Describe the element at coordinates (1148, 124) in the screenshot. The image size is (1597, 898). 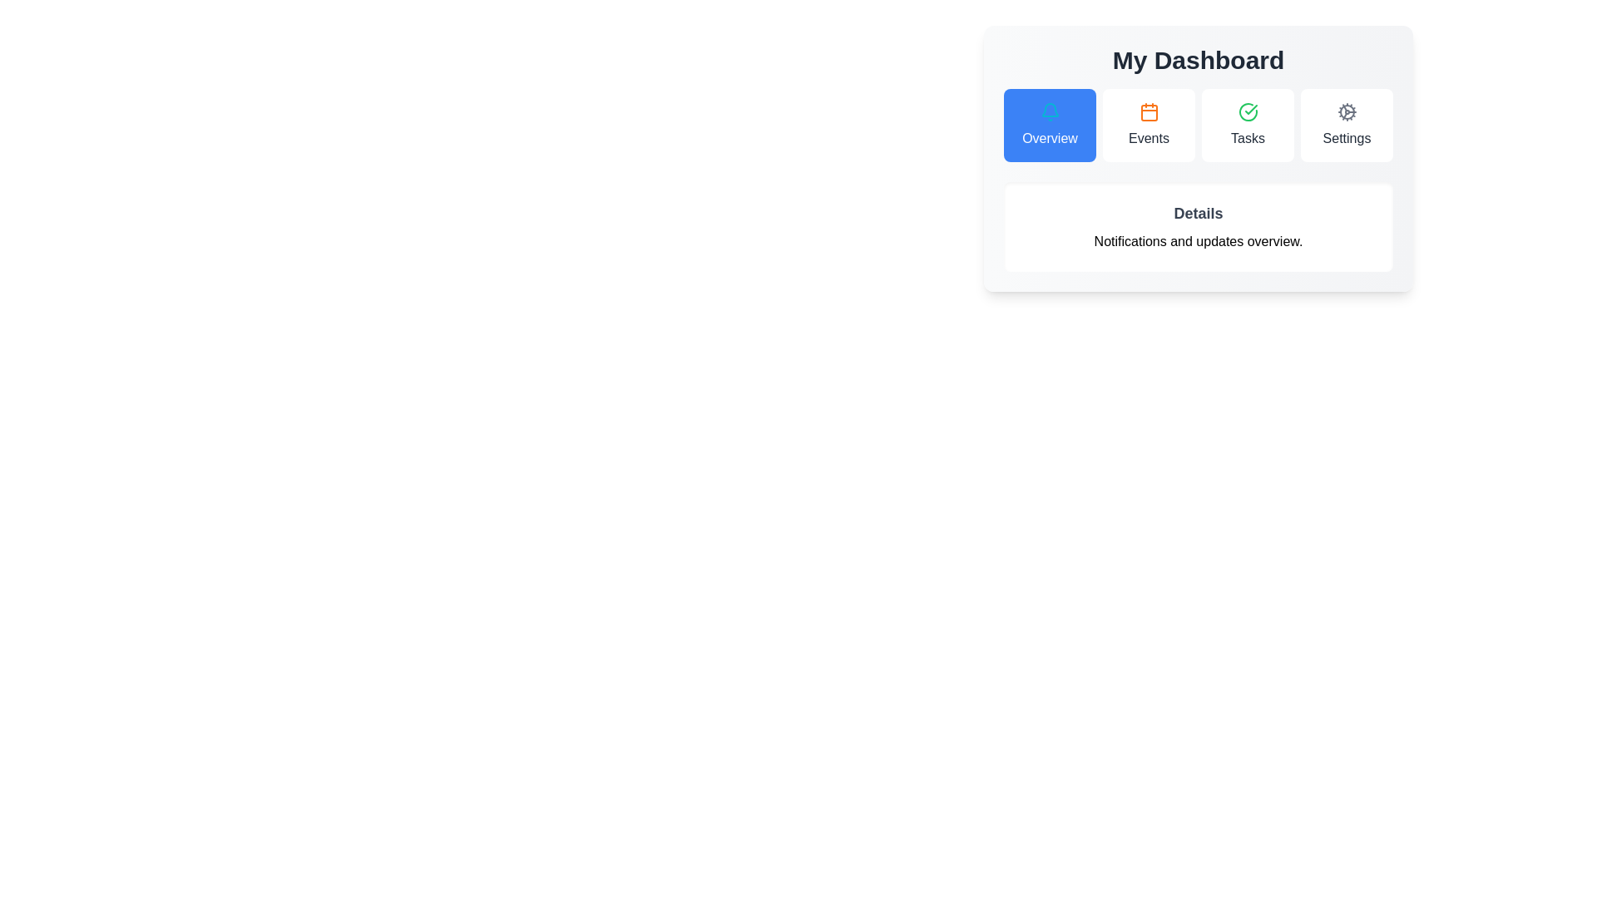
I see `the tab labeled Events by clicking its button` at that location.